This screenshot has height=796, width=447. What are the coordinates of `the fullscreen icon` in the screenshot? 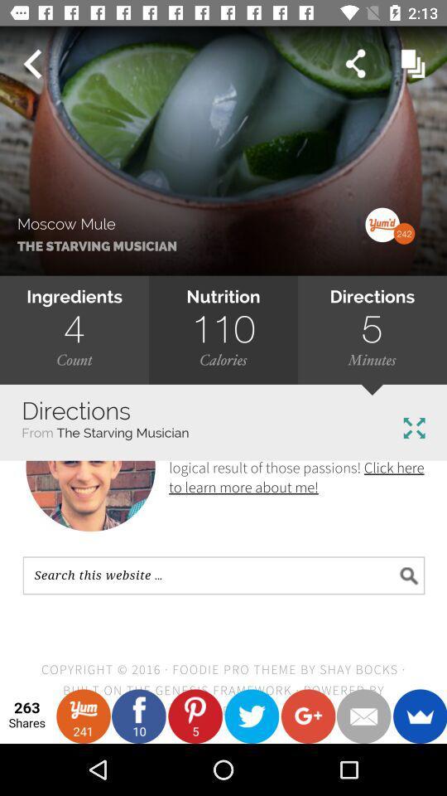 It's located at (413, 427).